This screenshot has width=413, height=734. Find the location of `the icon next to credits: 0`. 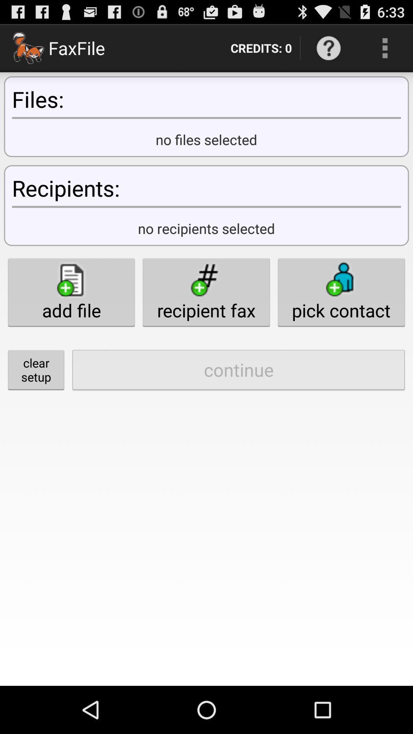

the icon next to credits: 0 is located at coordinates (328, 47).